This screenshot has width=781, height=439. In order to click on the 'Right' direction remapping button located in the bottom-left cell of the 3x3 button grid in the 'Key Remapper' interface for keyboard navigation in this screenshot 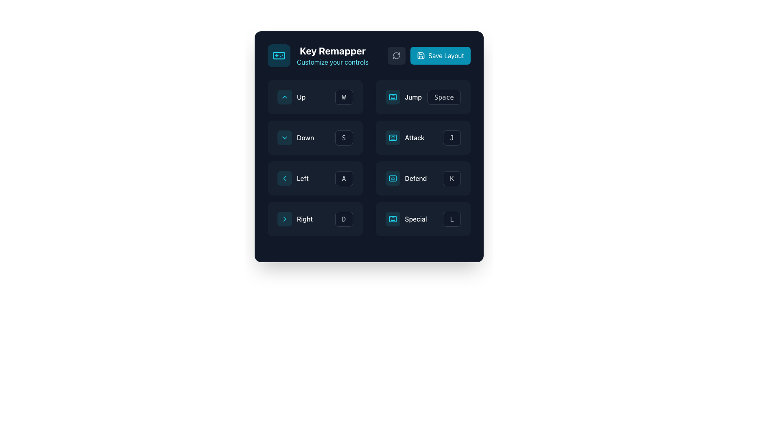, I will do `click(295, 219)`.